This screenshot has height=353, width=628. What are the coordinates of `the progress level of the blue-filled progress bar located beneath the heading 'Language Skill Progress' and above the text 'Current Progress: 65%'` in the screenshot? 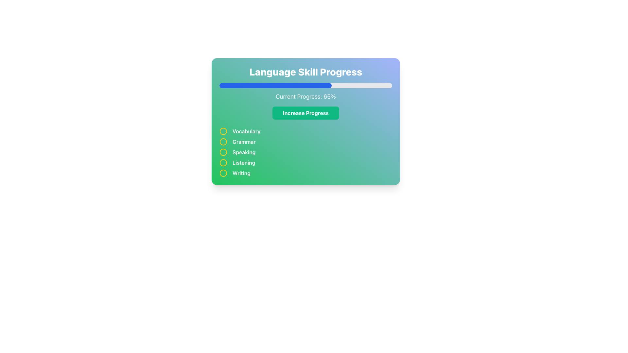 It's located at (305, 85).